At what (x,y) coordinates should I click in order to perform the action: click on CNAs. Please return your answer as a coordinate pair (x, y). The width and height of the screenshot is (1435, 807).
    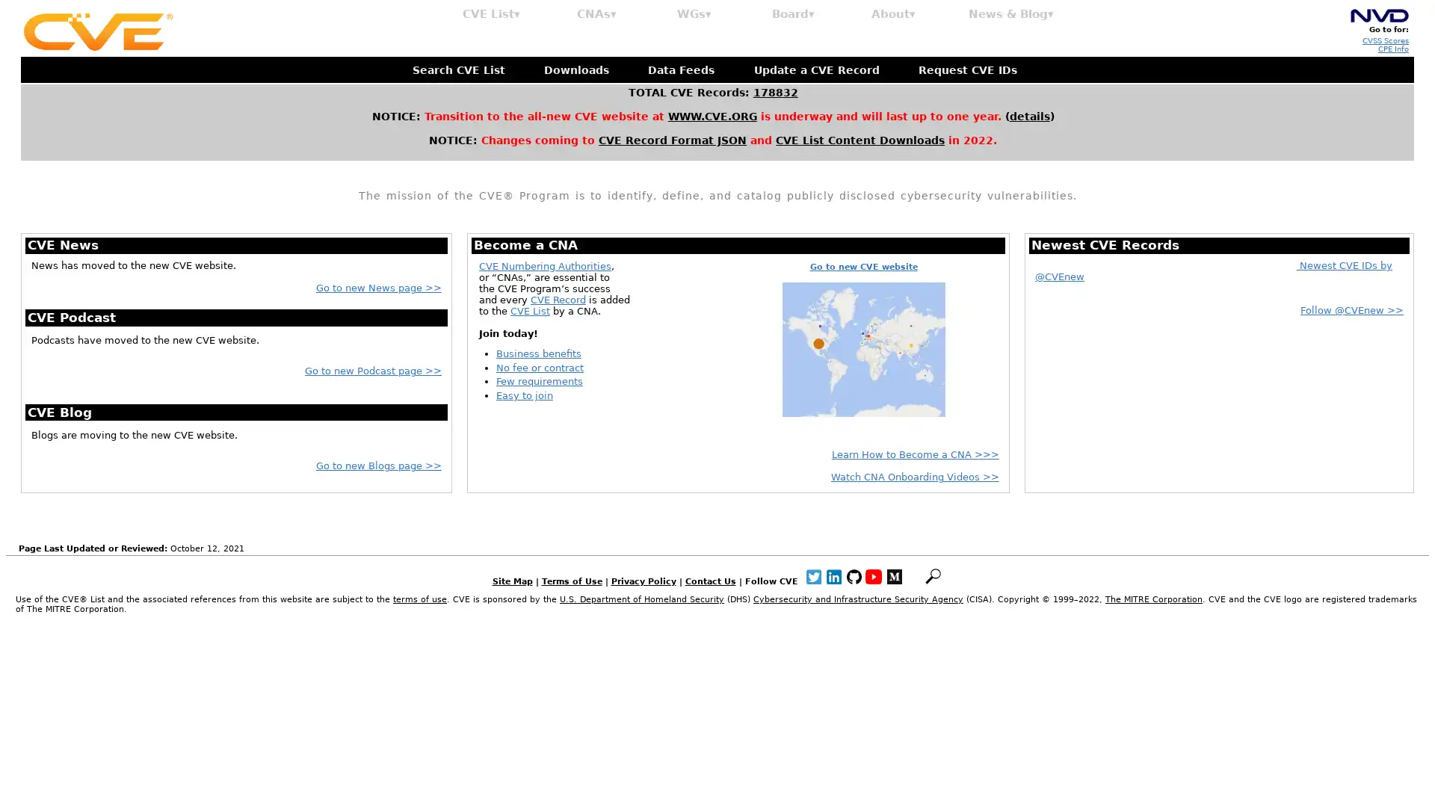
    Looking at the image, I should click on (596, 14).